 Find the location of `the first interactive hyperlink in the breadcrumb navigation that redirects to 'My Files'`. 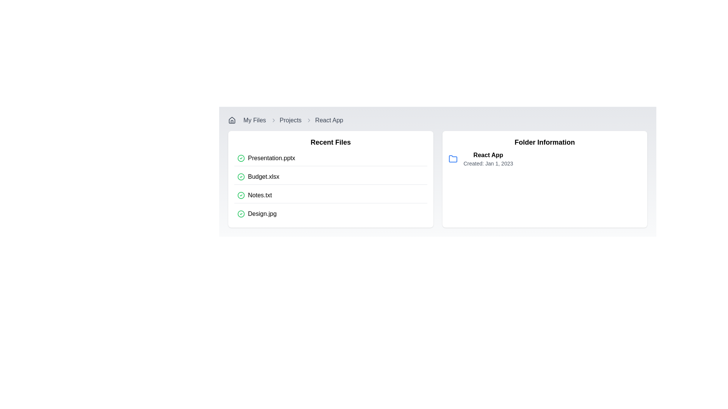

the first interactive hyperlink in the breadcrumb navigation that redirects to 'My Files' is located at coordinates (254, 120).